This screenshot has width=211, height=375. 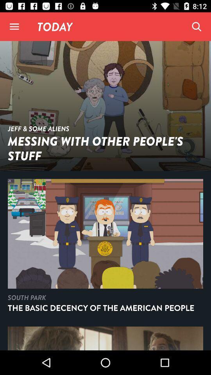 I want to click on menu button, so click(x=14, y=27).